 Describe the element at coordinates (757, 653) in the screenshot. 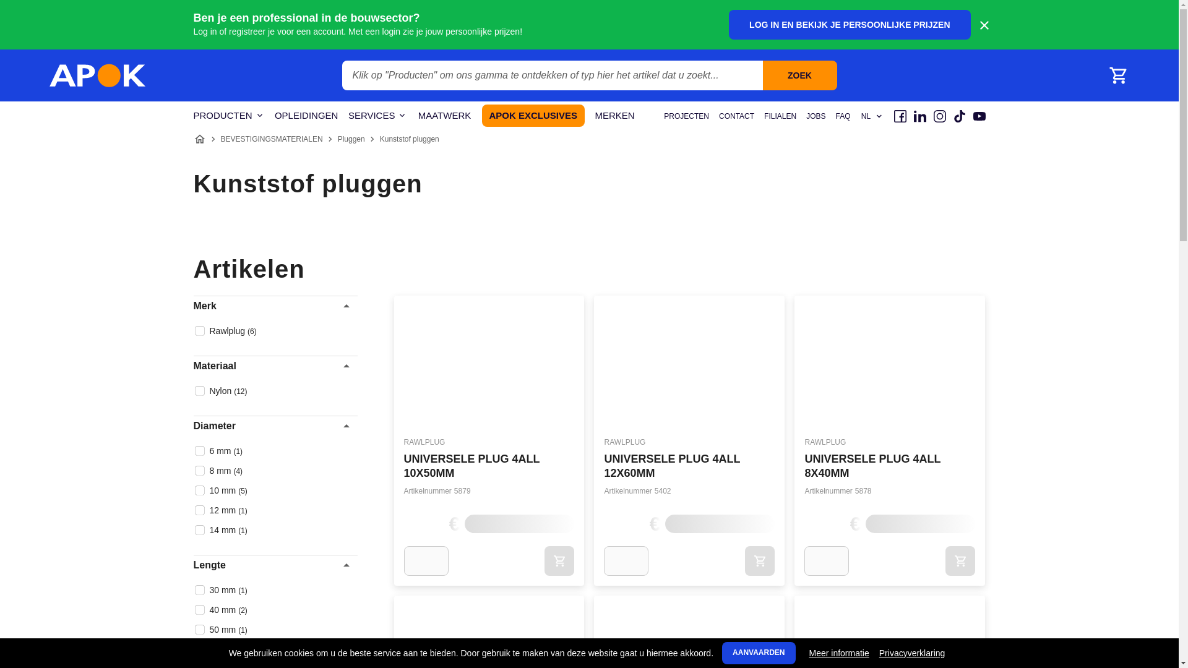

I see `'AANVAARDEN'` at that location.